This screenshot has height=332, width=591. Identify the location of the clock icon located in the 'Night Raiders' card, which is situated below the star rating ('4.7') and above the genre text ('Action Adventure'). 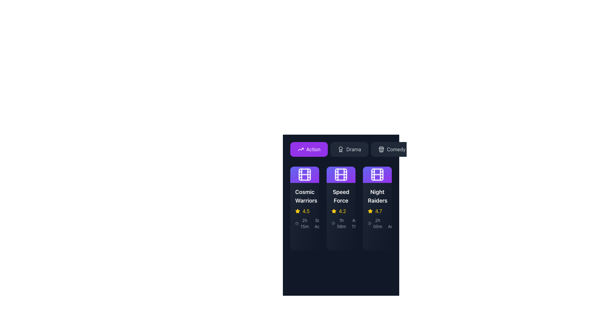
(377, 223).